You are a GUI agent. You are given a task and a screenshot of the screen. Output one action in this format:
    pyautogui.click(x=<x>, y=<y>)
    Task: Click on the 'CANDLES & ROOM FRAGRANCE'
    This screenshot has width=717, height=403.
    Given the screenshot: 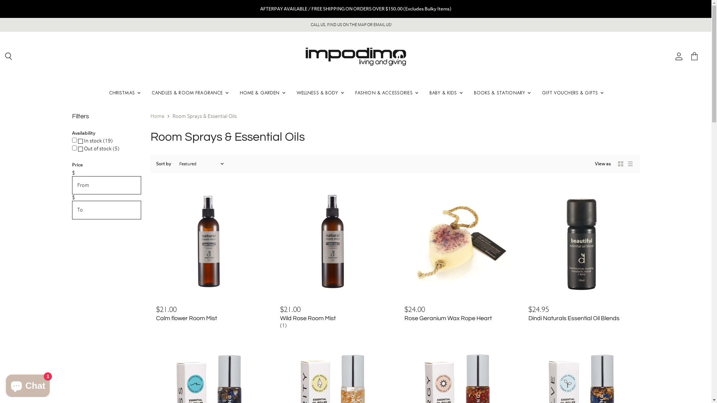 What is the action you would take?
    pyautogui.click(x=189, y=92)
    